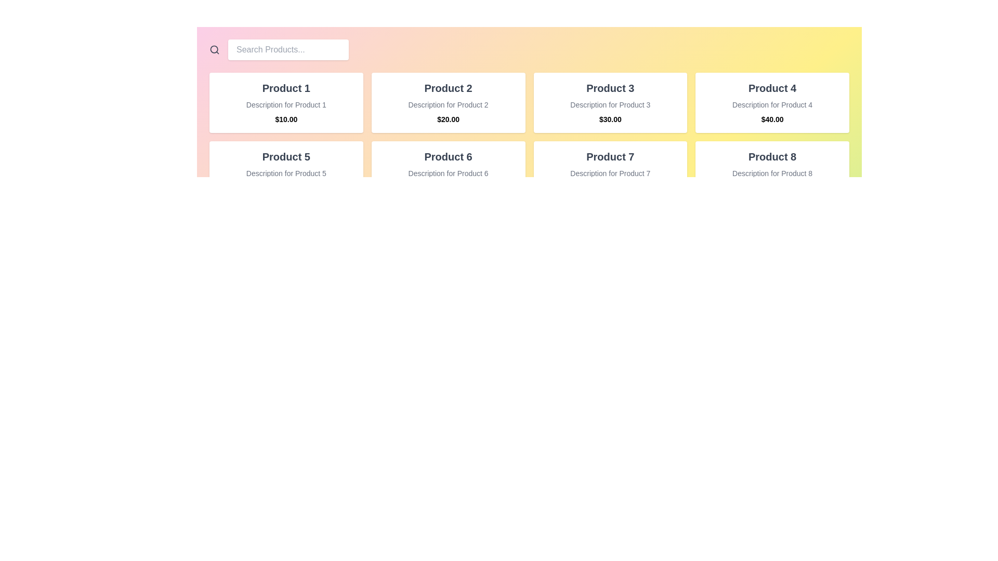  I want to click on text label that displays 'Description for Product 7', which is positioned below the 'Product 7' heading in its card, so click(610, 173).